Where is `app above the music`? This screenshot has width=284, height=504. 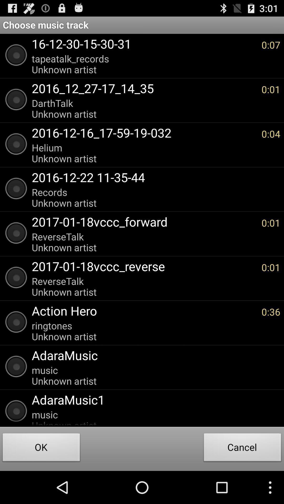
app above the music is located at coordinates (153, 399).